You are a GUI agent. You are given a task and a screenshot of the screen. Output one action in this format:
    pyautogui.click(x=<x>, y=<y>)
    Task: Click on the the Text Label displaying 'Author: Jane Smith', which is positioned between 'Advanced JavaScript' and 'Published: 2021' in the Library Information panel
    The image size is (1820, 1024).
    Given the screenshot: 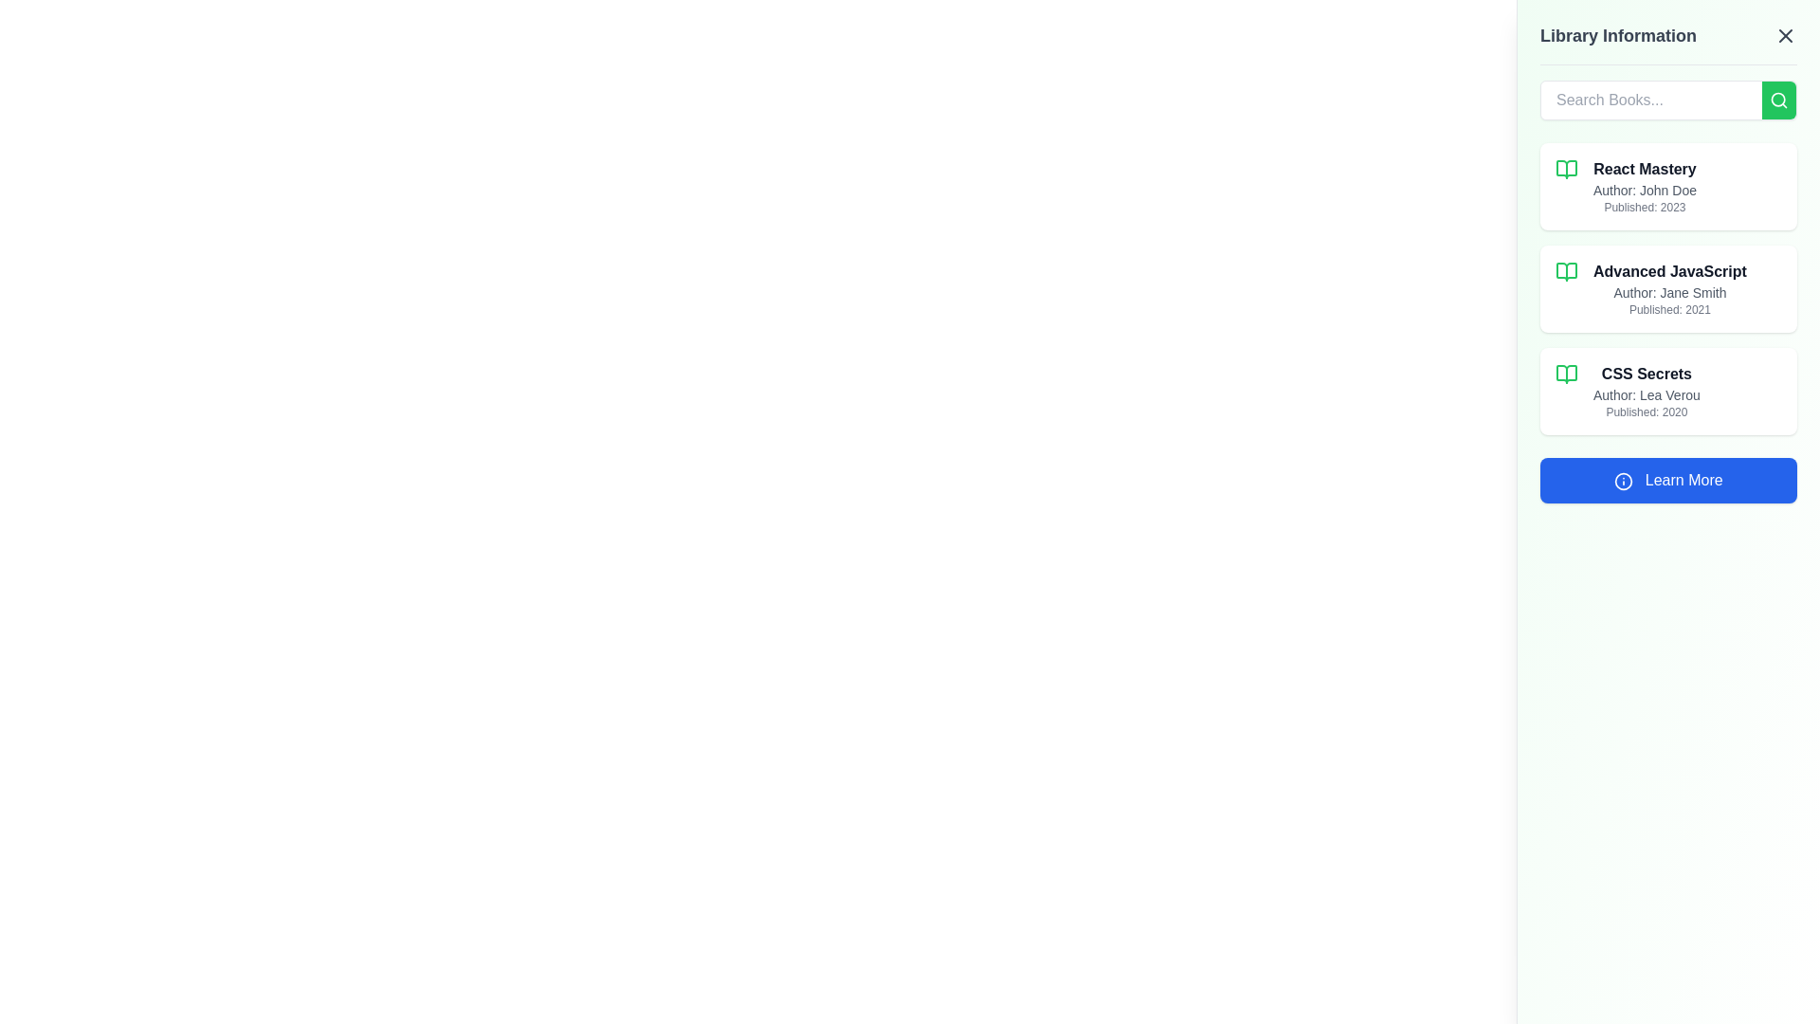 What is the action you would take?
    pyautogui.click(x=1669, y=292)
    